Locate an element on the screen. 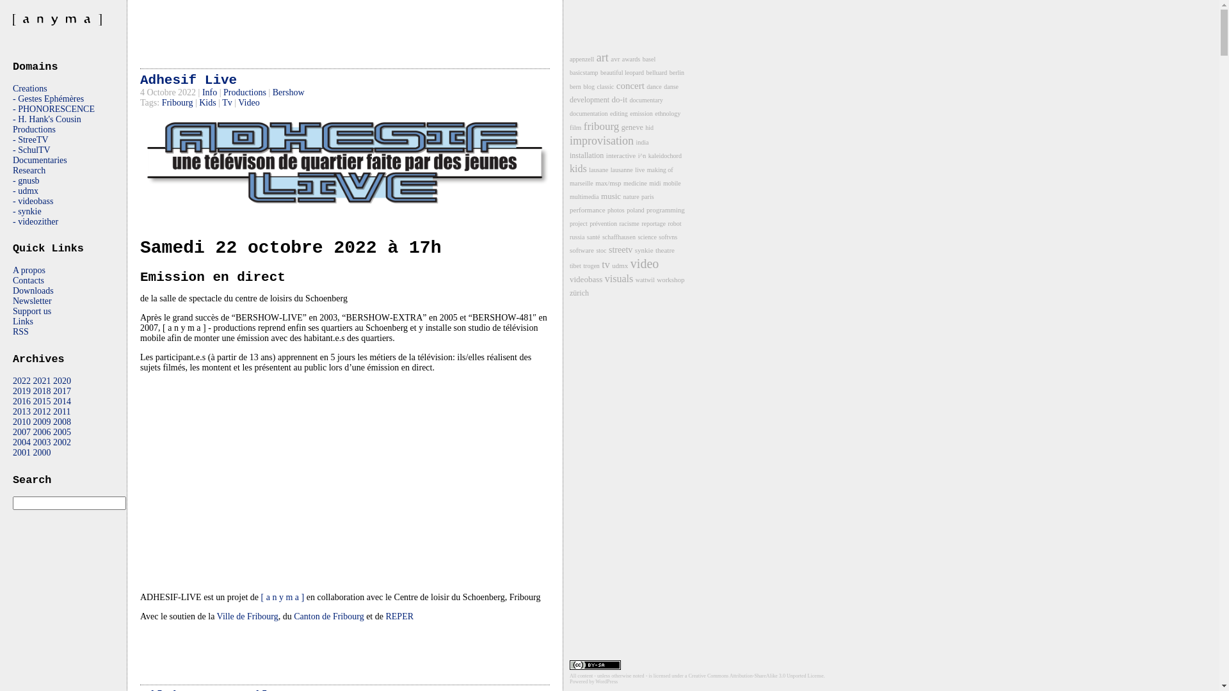 The height and width of the screenshot is (691, 1229). '- PHONORESCENCE' is located at coordinates (12, 108).